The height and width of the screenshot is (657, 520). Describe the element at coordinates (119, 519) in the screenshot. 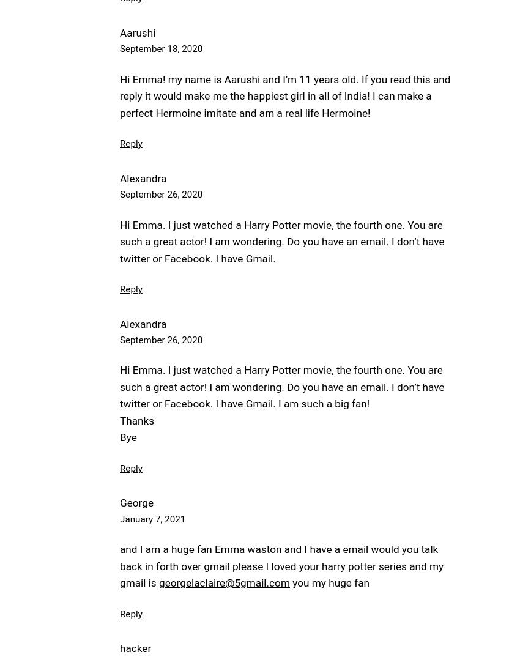

I see `'January 7, 2021'` at that location.